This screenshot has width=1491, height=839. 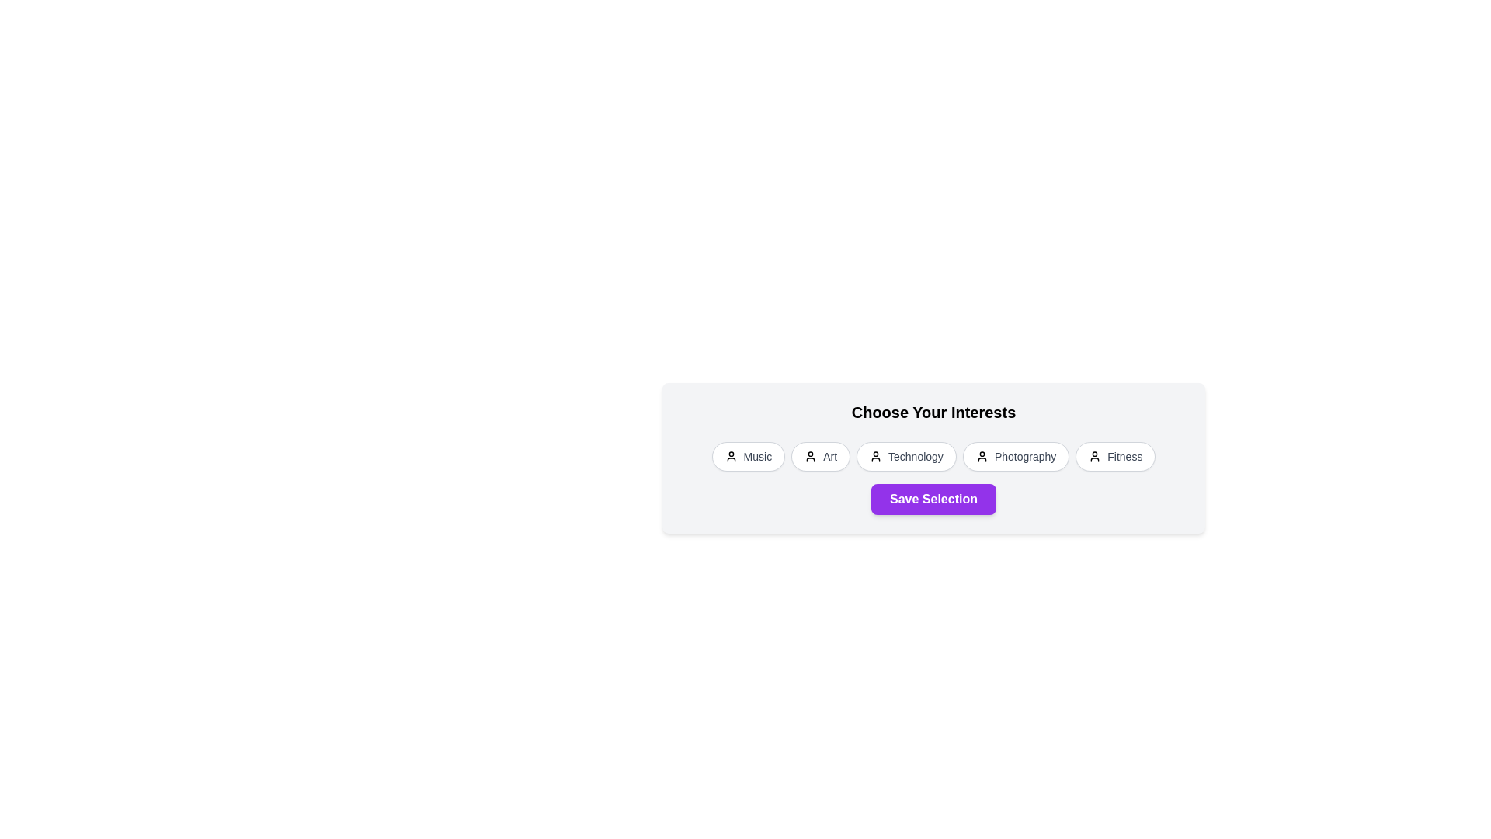 I want to click on the interest chip labeled 'Fitness', so click(x=1114, y=455).